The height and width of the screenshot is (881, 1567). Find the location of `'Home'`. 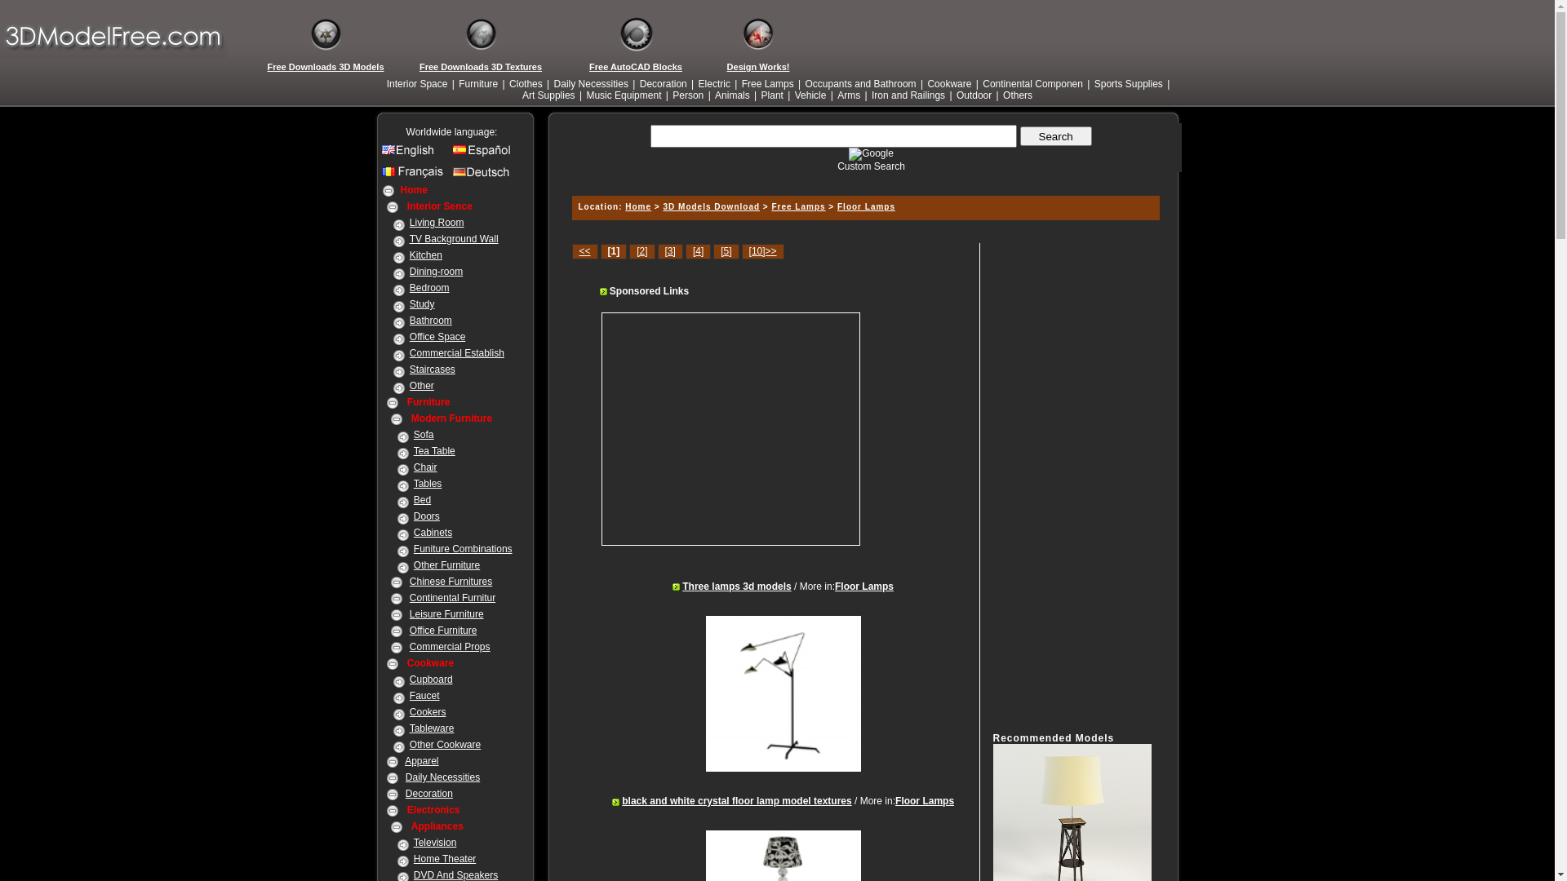

'Home' is located at coordinates (413, 188).